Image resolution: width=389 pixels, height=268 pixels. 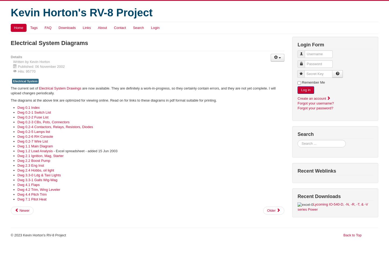 What do you see at coordinates (87, 27) in the screenshot?
I see `'Links'` at bounding box center [87, 27].